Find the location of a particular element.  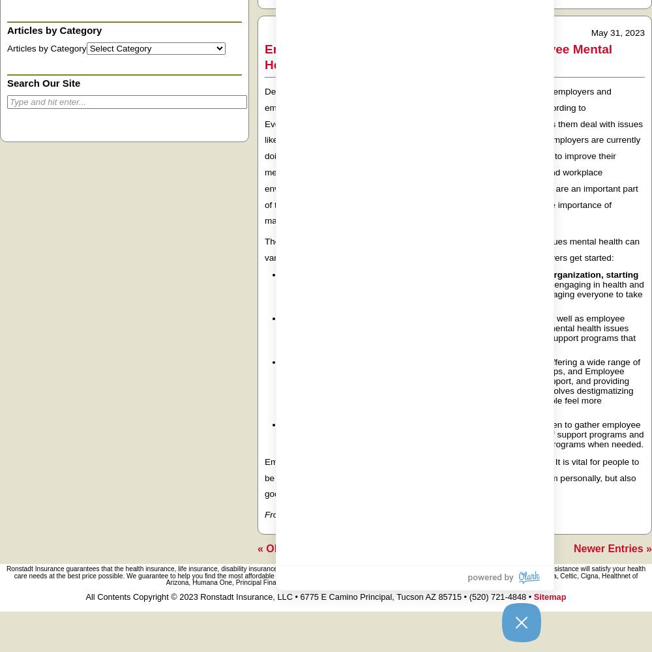

'Keep the lines of communication open to gather employee feedback on their mental health status, as well as the effectiveness of support programs and initiatives. It is also important to make adjustments to mental health programs when needed.' is located at coordinates (462, 434).